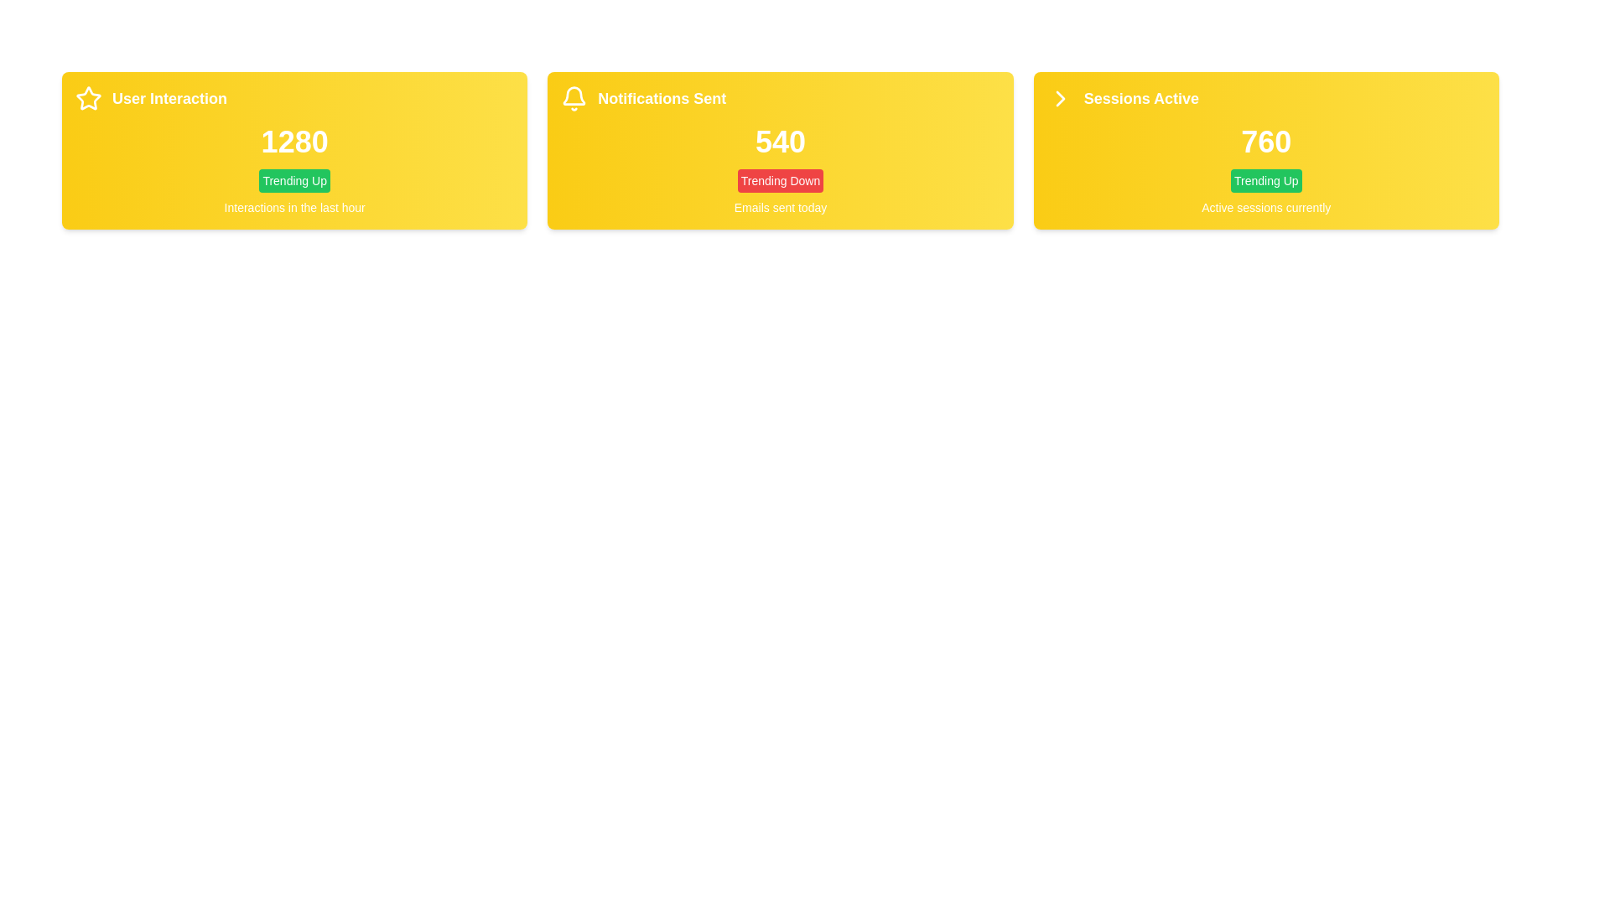 The width and height of the screenshot is (1610, 905). I want to click on the Badge indicating an upward trend in data performance metrics, located within the yellow card labeled 'User Interaction', positioned below '1280' and above 'Interactions in the last hour', so click(294, 181).